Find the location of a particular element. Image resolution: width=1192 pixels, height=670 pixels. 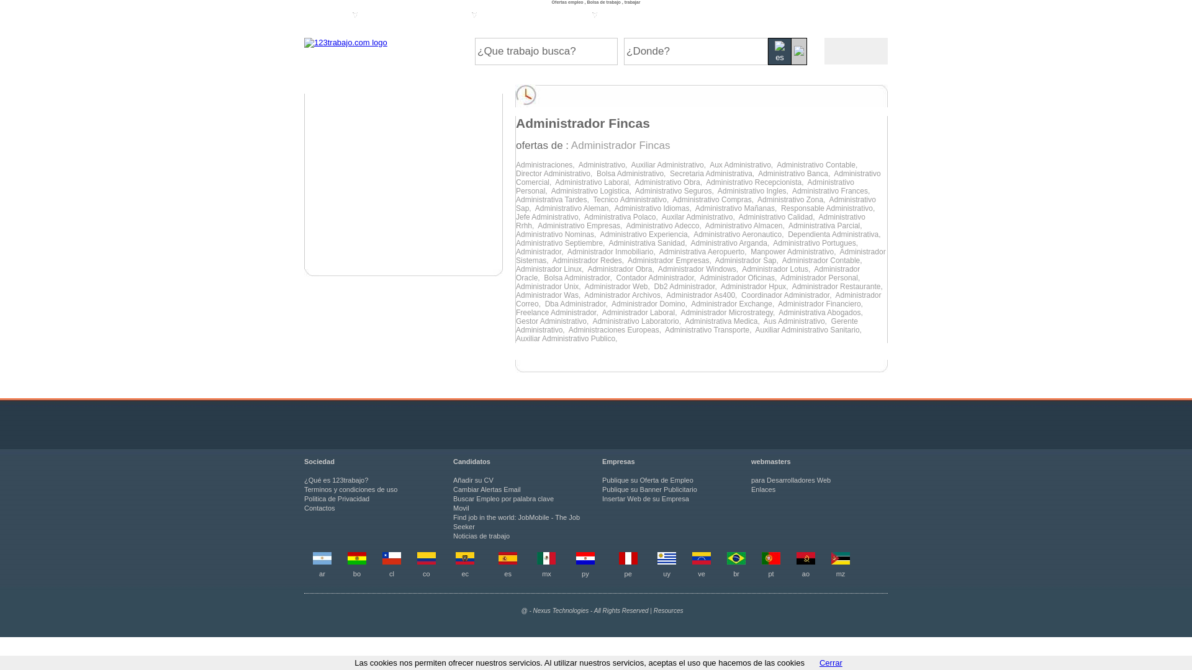

'ofertas trabajo chile' is located at coordinates (391, 562).